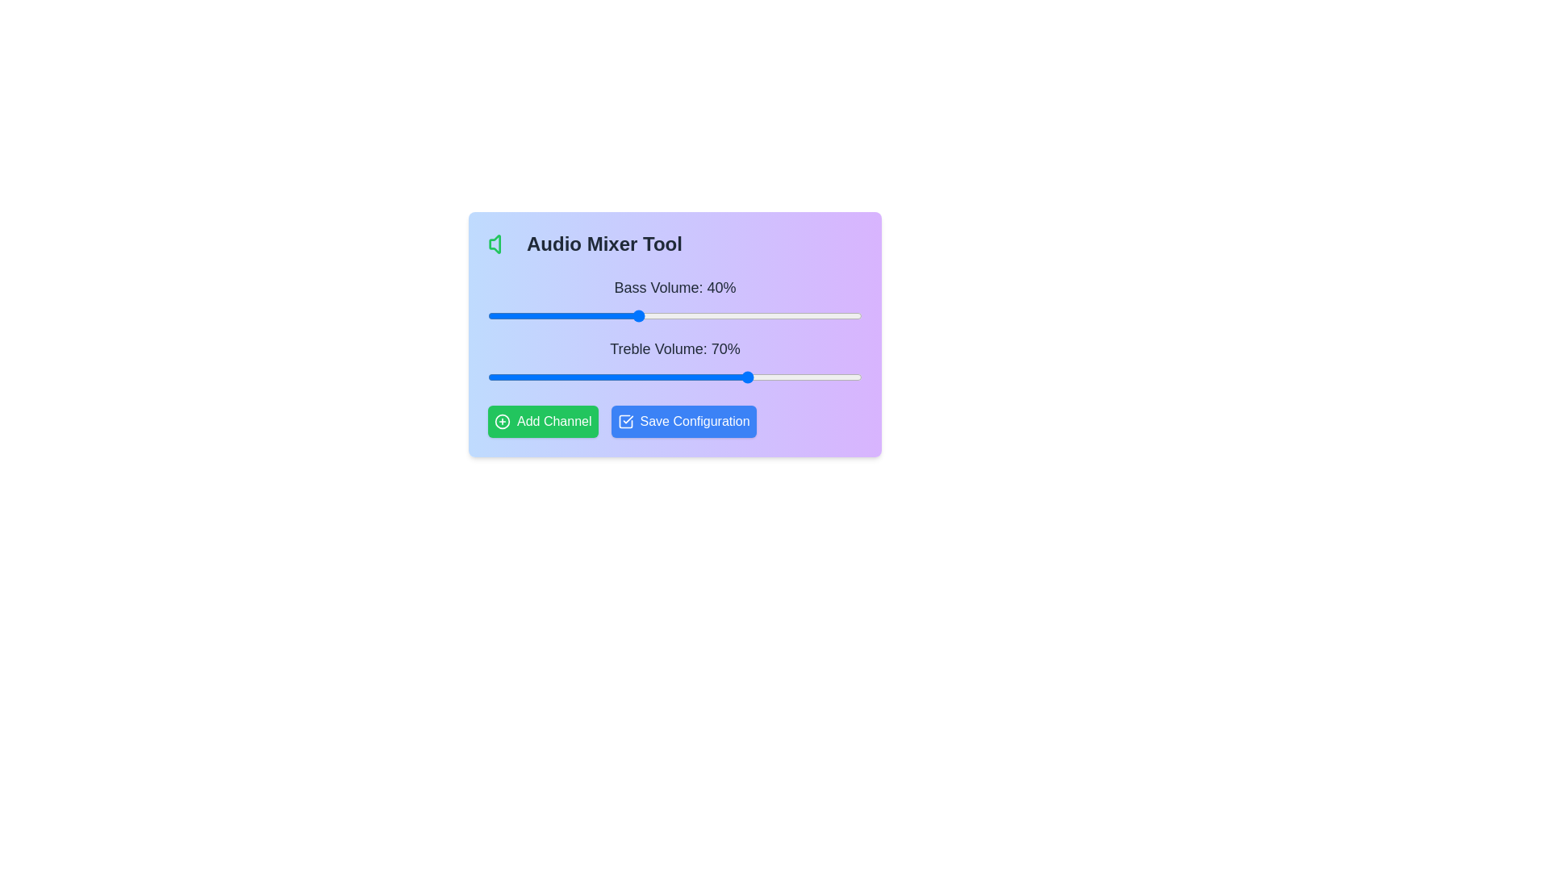 The image size is (1549, 871). Describe the element at coordinates (603, 244) in the screenshot. I see `the text label that serves as a header, positioned centrally in the interface and located to the right of the green speaker icon` at that location.